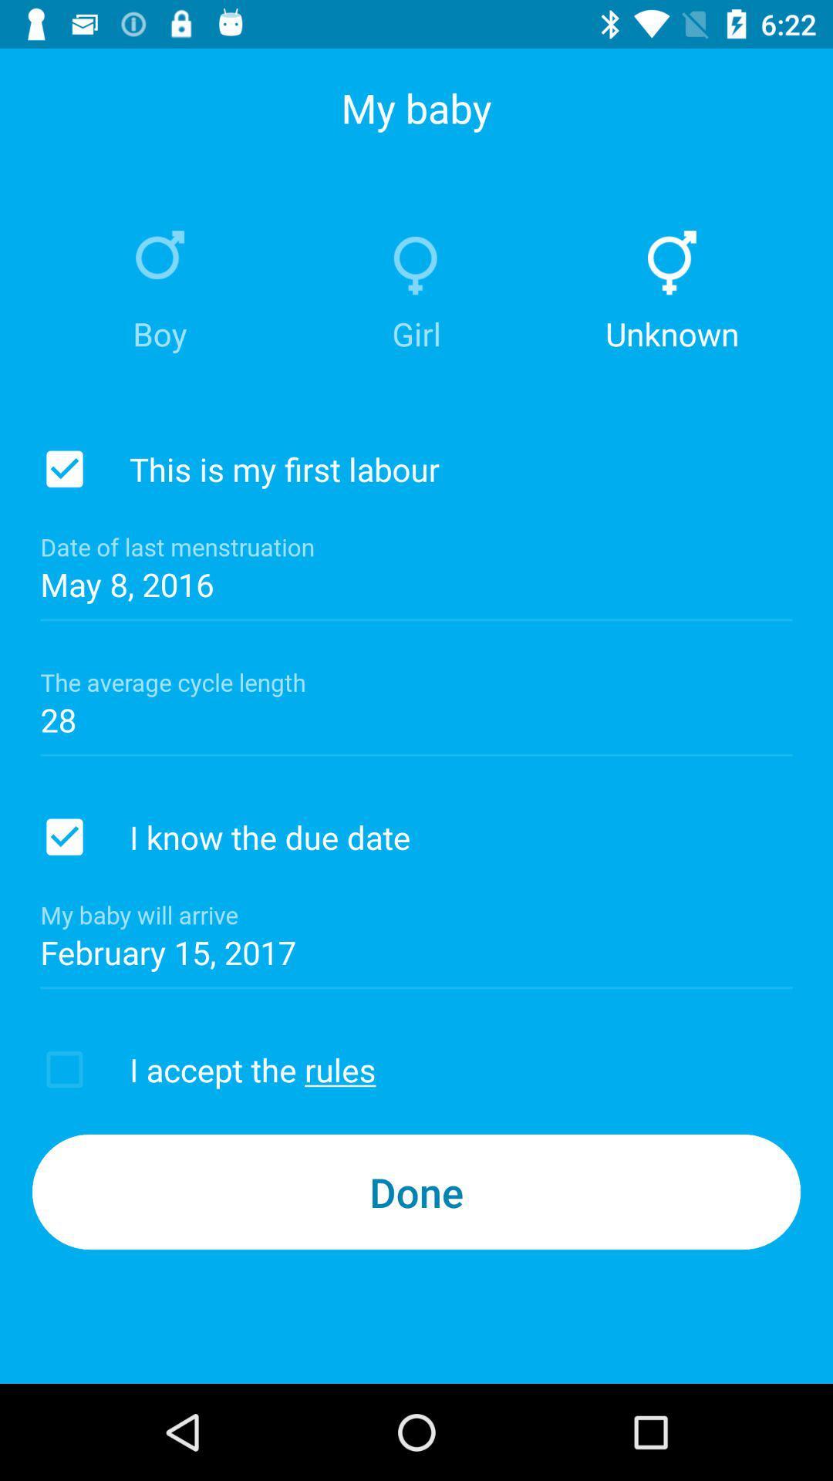  What do you see at coordinates (64, 836) in the screenshot?
I see `due date` at bounding box center [64, 836].